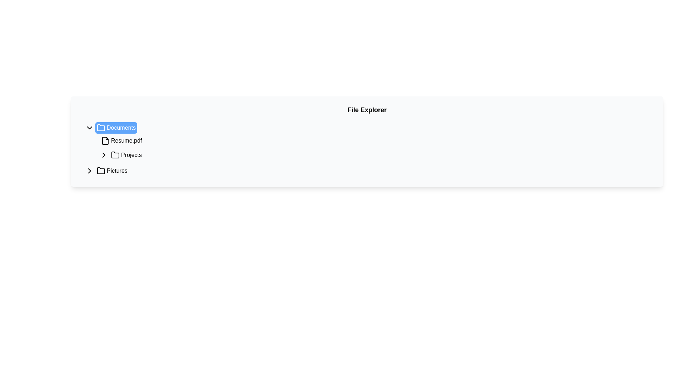 Image resolution: width=688 pixels, height=387 pixels. I want to click on the list item representing the file entry 'Resume.pdf', so click(121, 141).